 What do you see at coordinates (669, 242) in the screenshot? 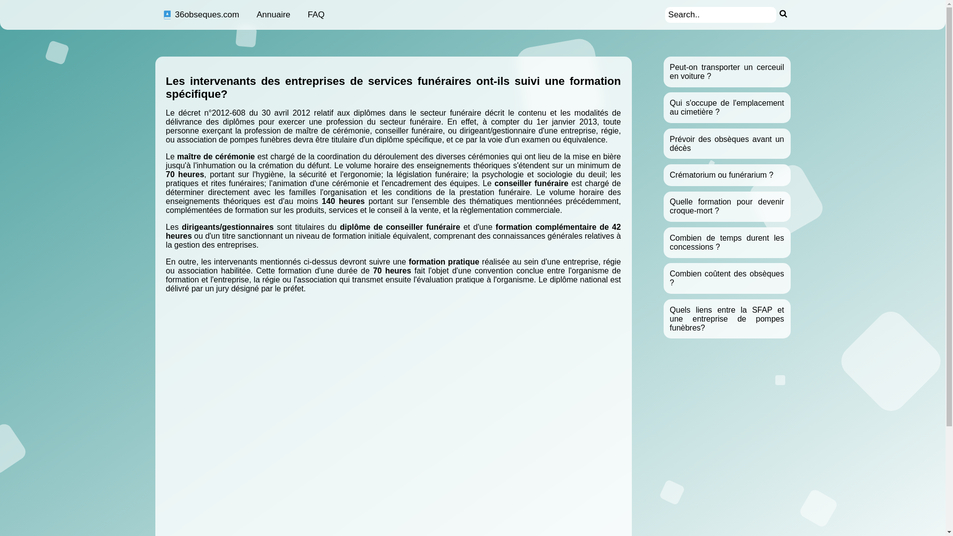
I see `'Combien de temps durent les concessions ?'` at bounding box center [669, 242].